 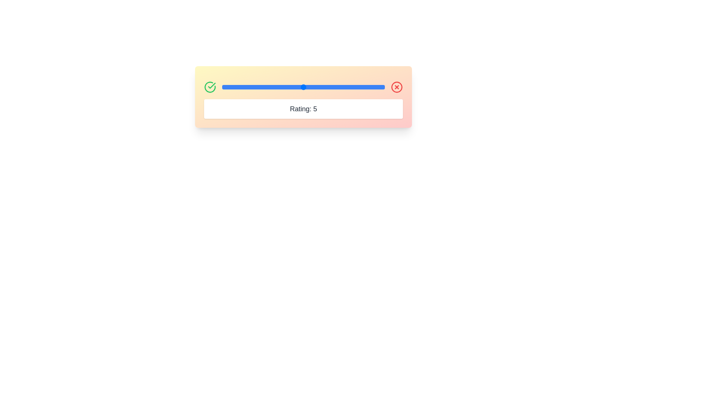 I want to click on the rating, so click(x=271, y=86).